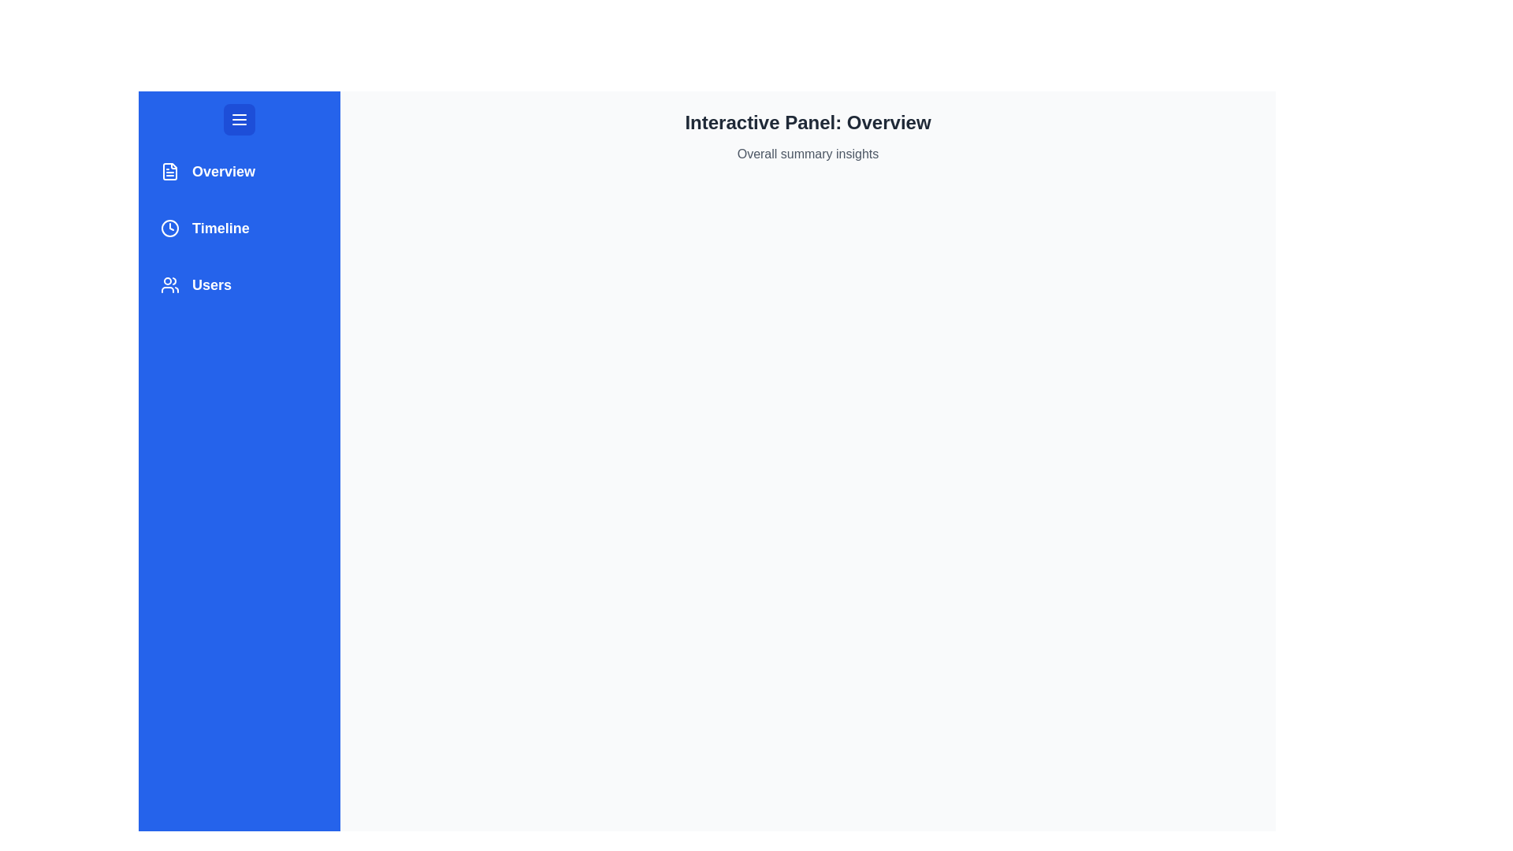 The image size is (1513, 851). Describe the element at coordinates (238, 172) in the screenshot. I see `the panel Overview from the list` at that location.